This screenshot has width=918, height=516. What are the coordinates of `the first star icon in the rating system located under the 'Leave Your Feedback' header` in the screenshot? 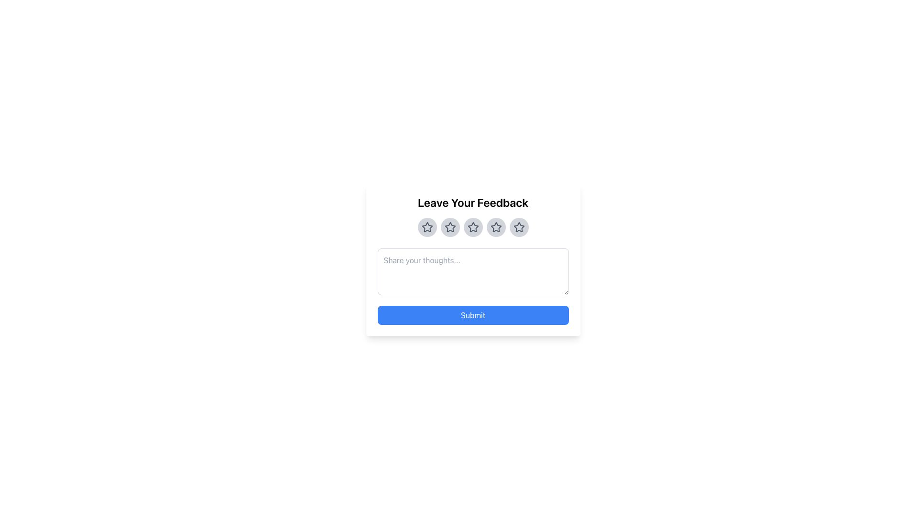 It's located at (426, 227).